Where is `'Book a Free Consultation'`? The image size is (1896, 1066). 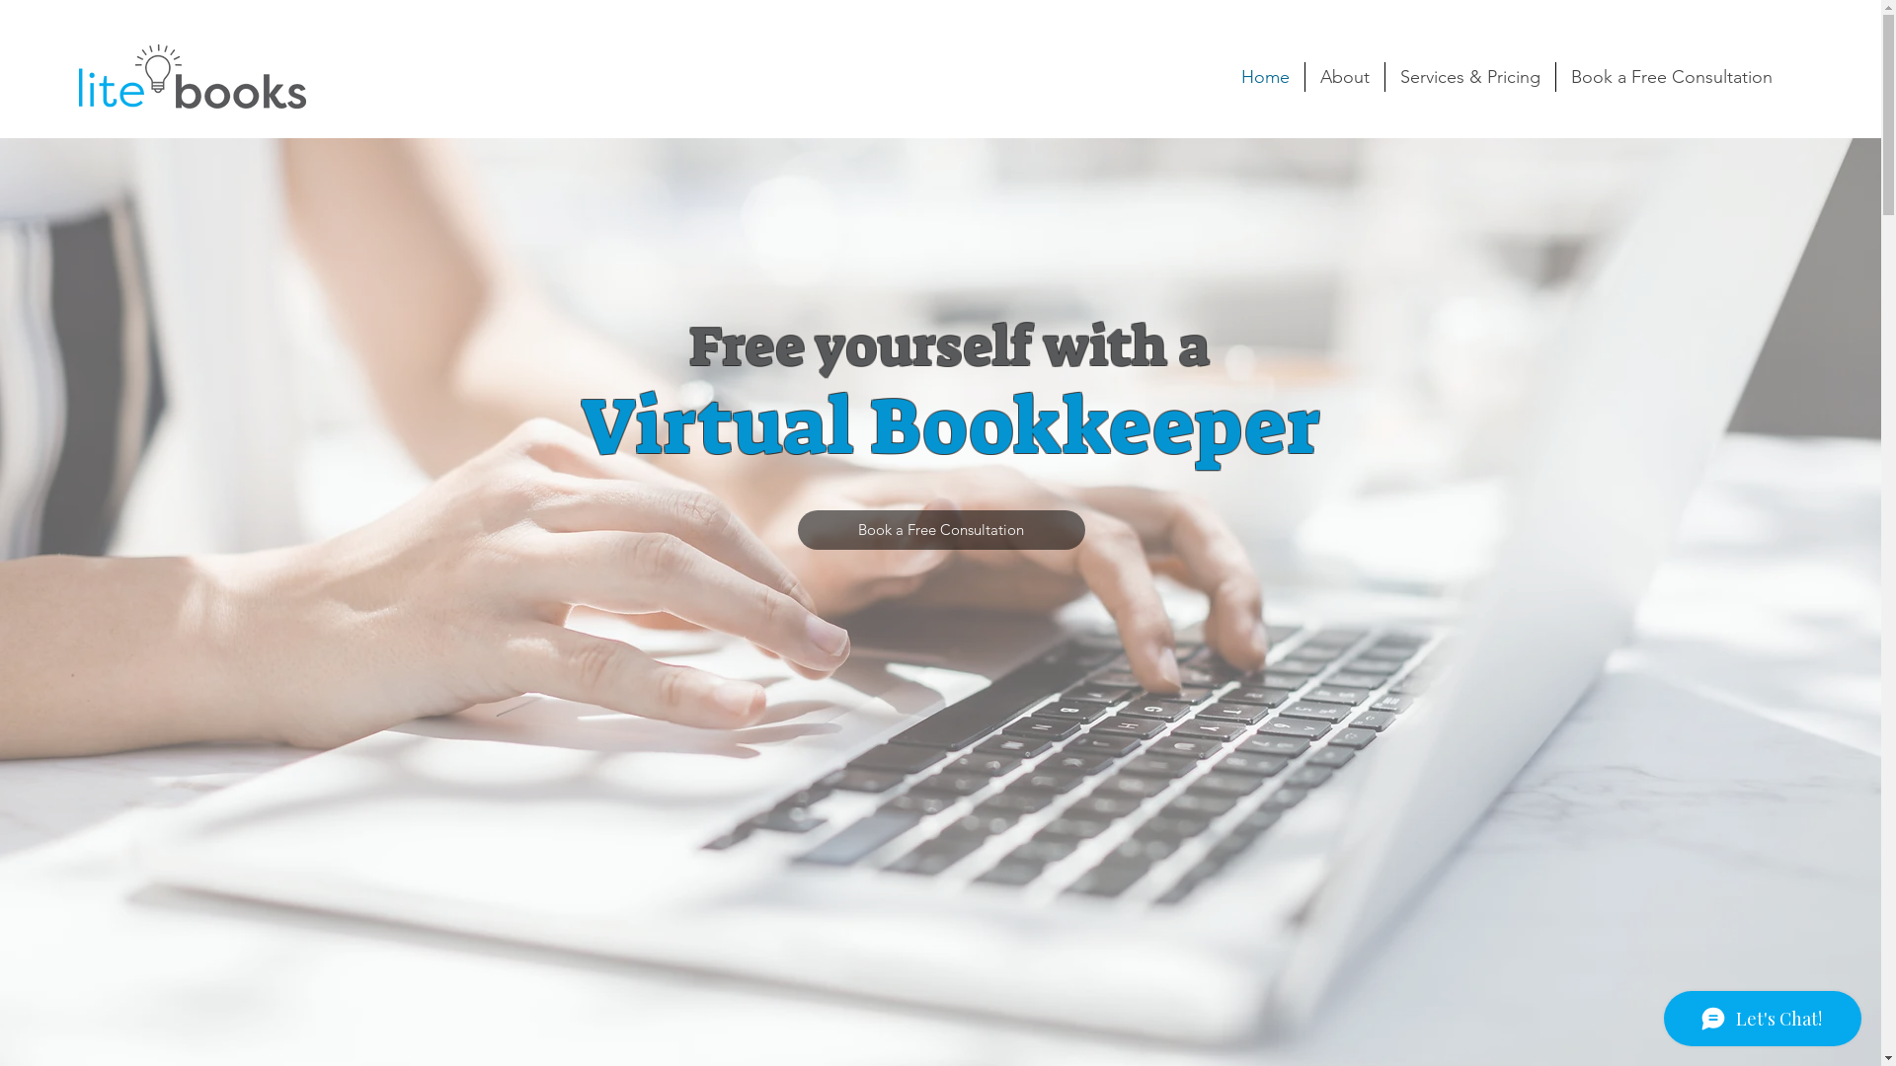 'Book a Free Consultation' is located at coordinates (1671, 75).